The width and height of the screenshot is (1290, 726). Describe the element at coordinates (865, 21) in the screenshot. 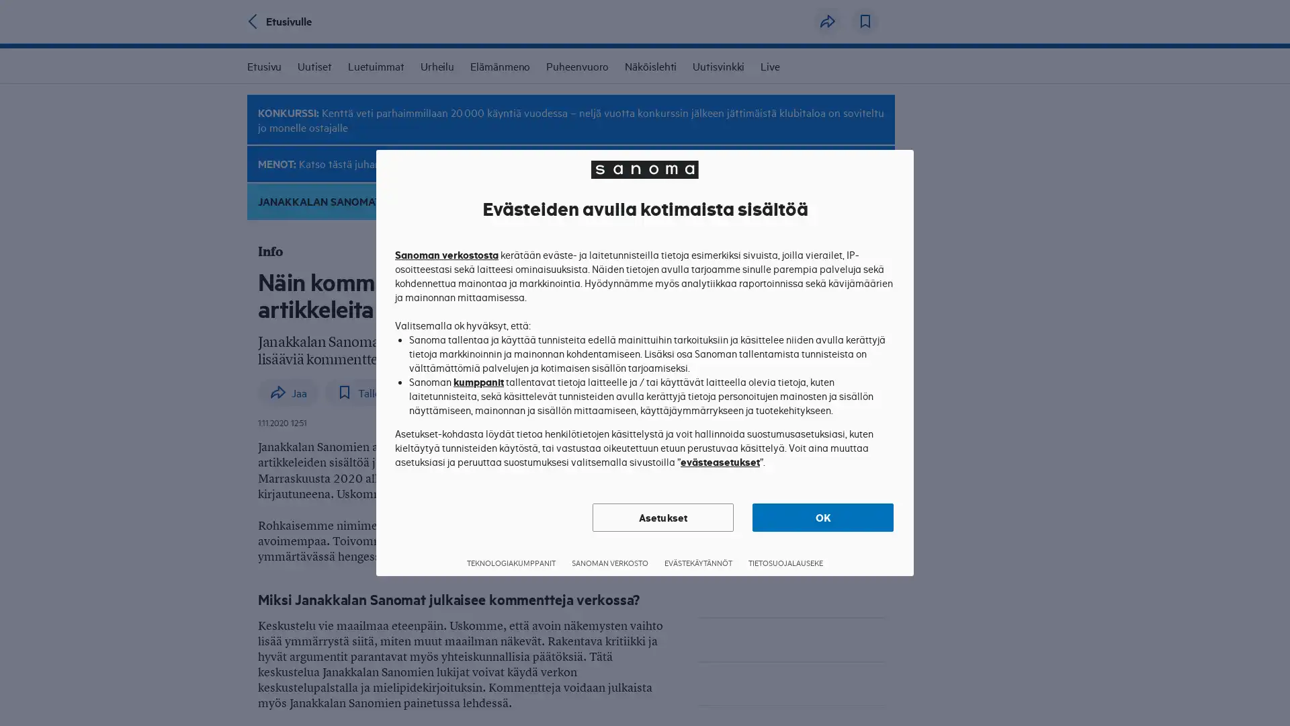

I see `Tallenna` at that location.